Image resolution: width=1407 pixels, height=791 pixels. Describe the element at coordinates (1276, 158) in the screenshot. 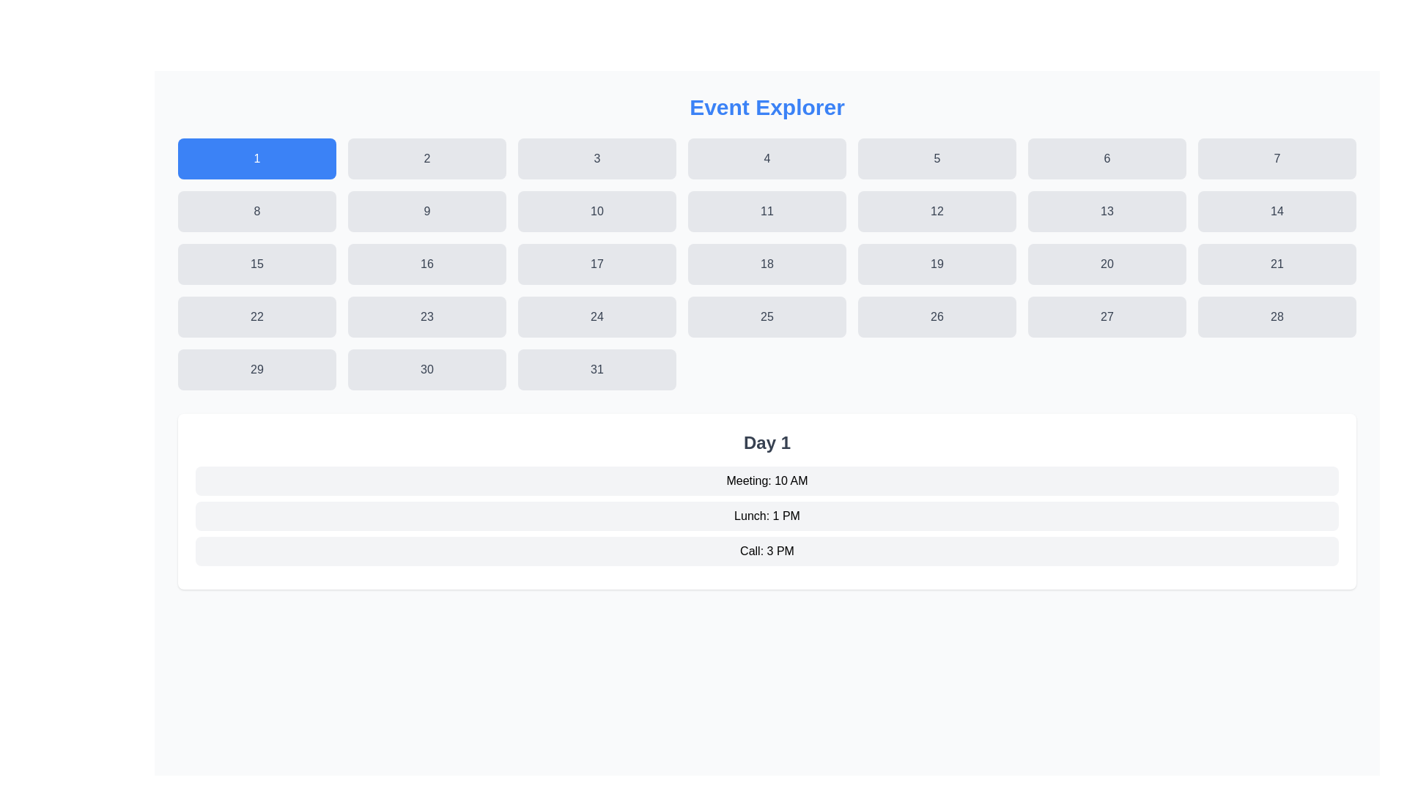

I see `the selectable unit button in the top row of the 7-column grid layout, which is the seventh item aligned below the 'Event Explorer' title` at that location.